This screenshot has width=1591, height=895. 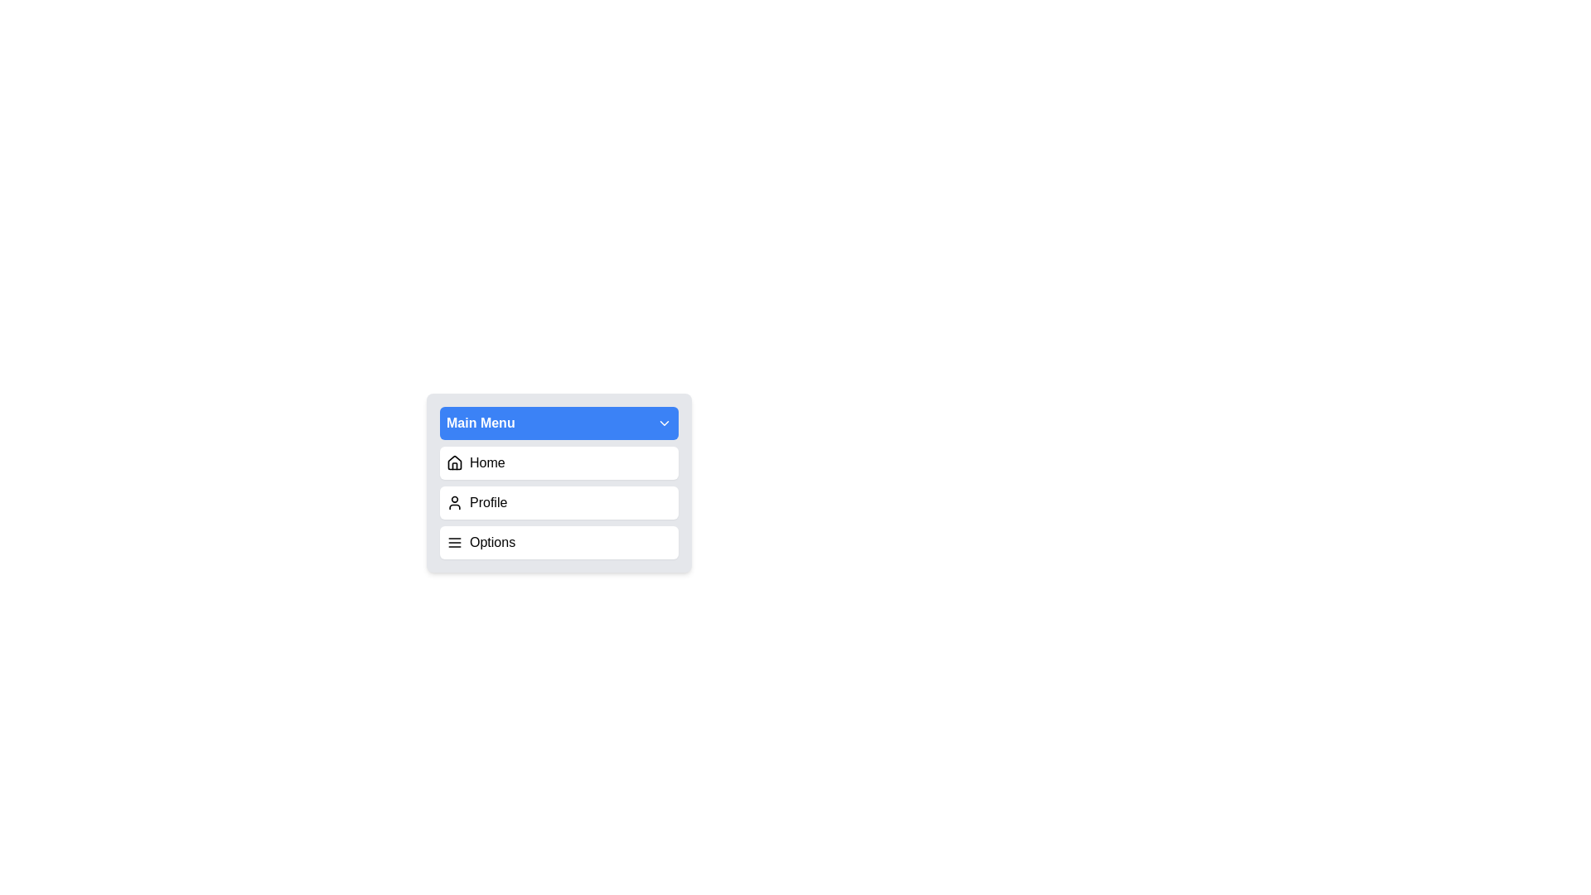 What do you see at coordinates (454, 543) in the screenshot?
I see `the hamburger menu icon located within the 'Options' group, which is the first visual component of the 'Options' item below the 'Main Menu' dropdown` at bounding box center [454, 543].